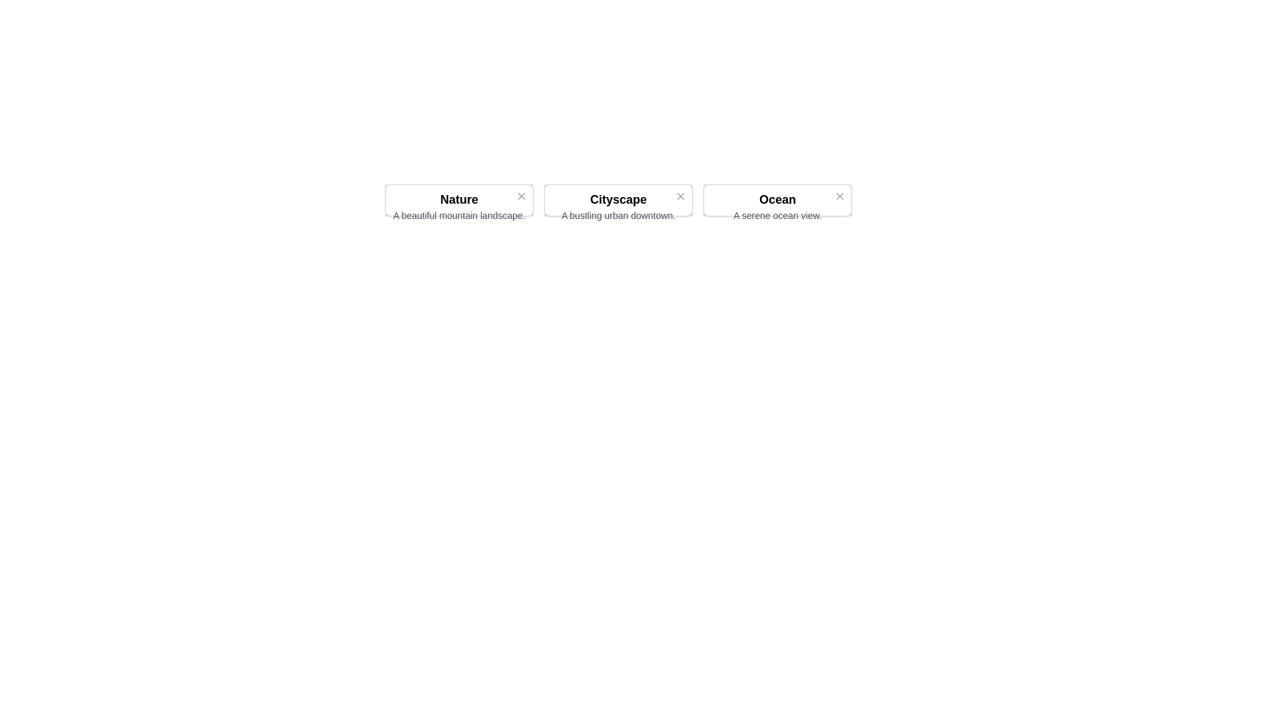 Image resolution: width=1279 pixels, height=719 pixels. Describe the element at coordinates (618, 206) in the screenshot. I see `the informational card titled 'Cityscape', which features a description 'A bustling urban downtown.' and is styled with a white background within a rounded box, positioned centrally between the 'Nature' and 'Ocean' elements` at that location.